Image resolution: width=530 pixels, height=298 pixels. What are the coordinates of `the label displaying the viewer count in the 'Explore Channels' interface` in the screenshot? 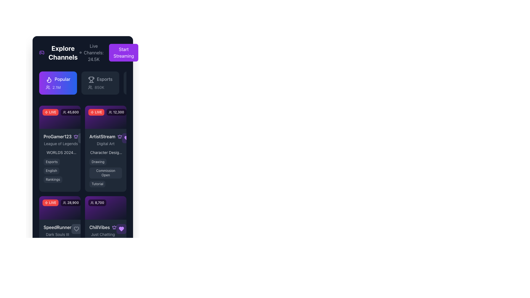 It's located at (70, 112).